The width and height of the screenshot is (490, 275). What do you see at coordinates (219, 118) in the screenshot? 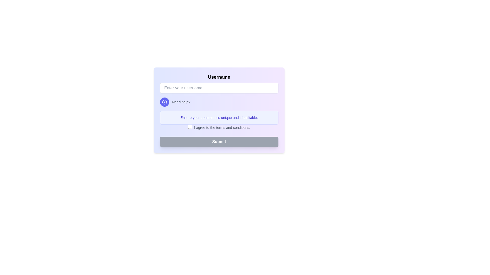
I see `the informational text block that provides guidance for ensuring a unique username, positioned below the 'Need help?' text and above the 'I agree to the terms and conditions.' checkbox` at bounding box center [219, 118].